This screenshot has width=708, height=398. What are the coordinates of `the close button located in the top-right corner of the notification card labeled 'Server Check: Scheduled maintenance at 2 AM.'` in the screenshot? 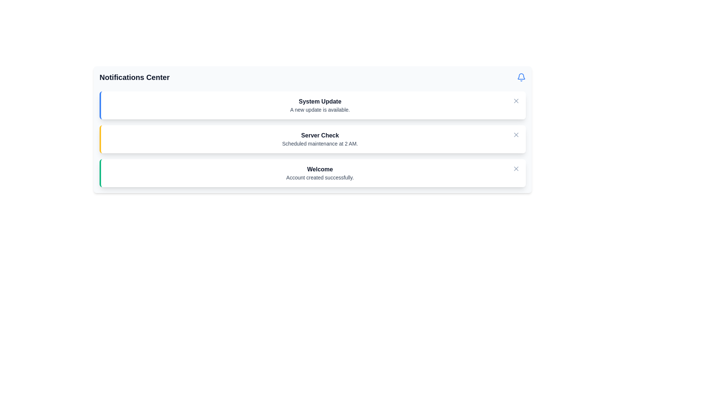 It's located at (516, 135).